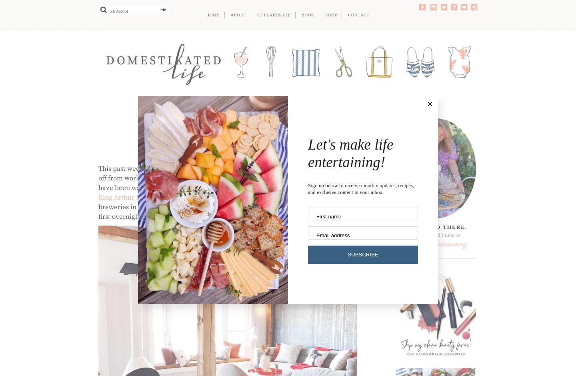 Image resolution: width=576 pixels, height=376 pixels. I want to click on 'Contact', so click(358, 15).